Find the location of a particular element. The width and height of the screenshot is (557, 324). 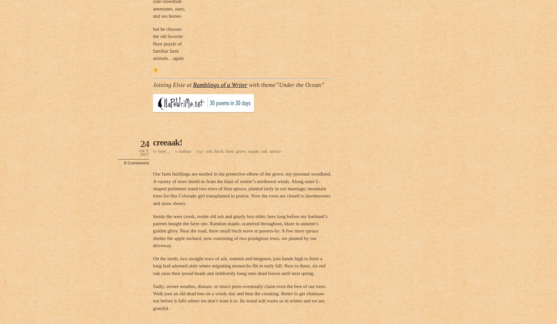

'Ramblings of a Writer' is located at coordinates (220, 85).